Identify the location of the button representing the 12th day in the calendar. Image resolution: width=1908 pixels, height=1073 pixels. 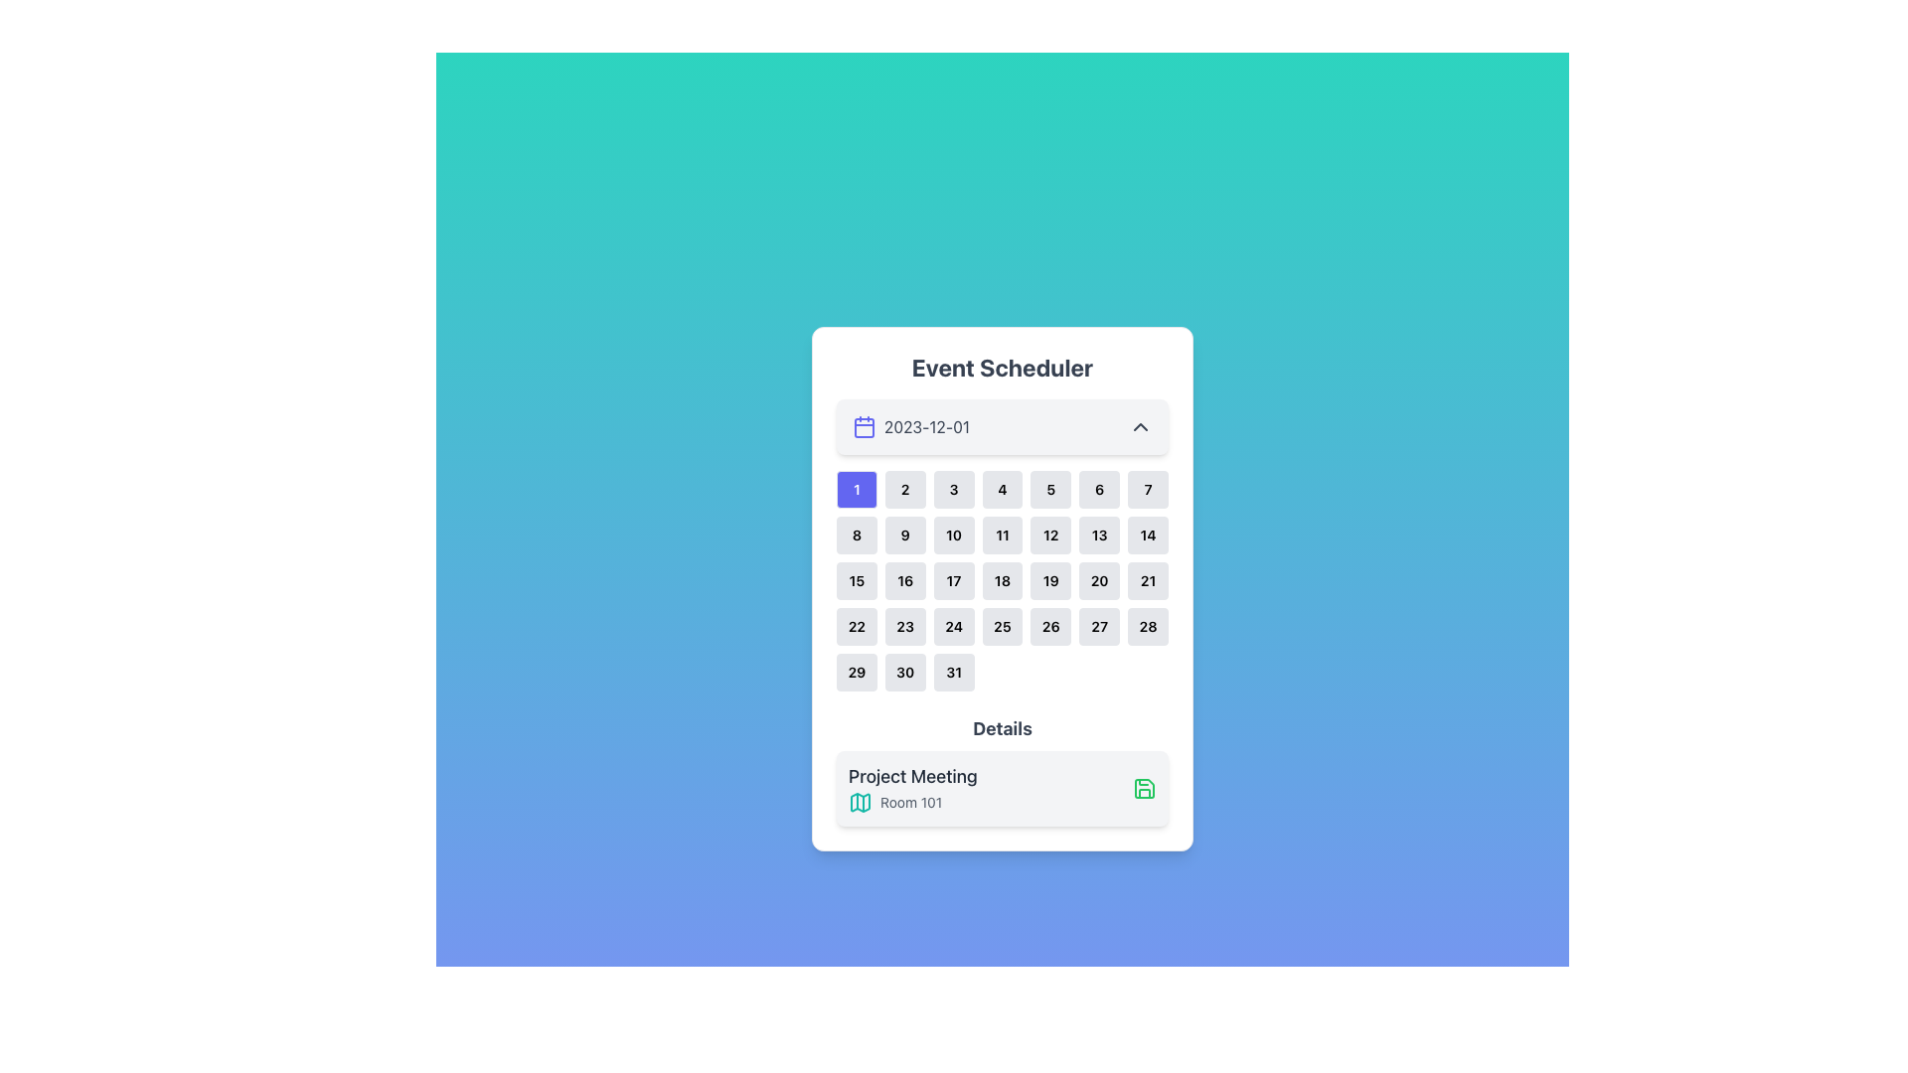
(1049, 535).